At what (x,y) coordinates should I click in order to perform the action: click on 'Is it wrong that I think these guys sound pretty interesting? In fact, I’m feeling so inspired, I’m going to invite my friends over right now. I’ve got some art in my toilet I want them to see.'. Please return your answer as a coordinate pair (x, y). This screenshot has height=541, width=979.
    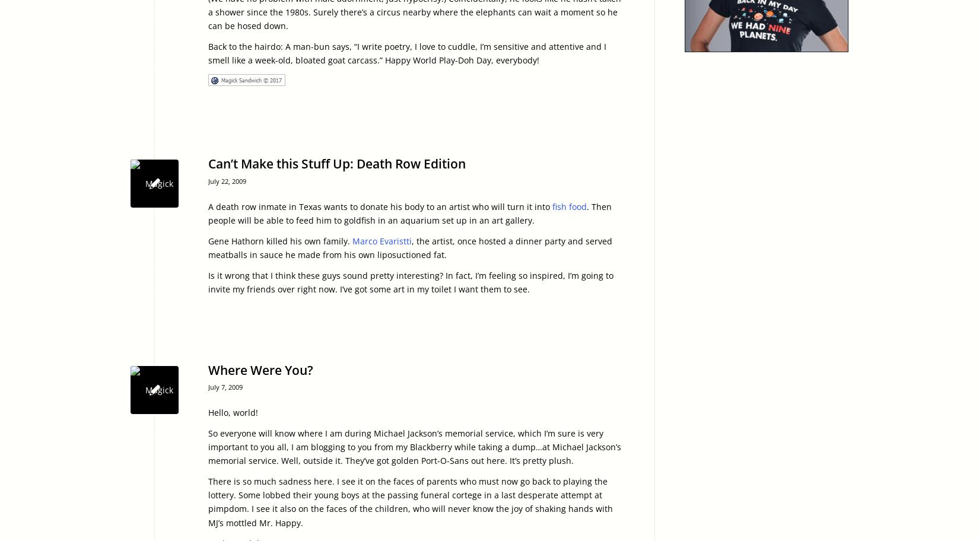
    Looking at the image, I should click on (410, 281).